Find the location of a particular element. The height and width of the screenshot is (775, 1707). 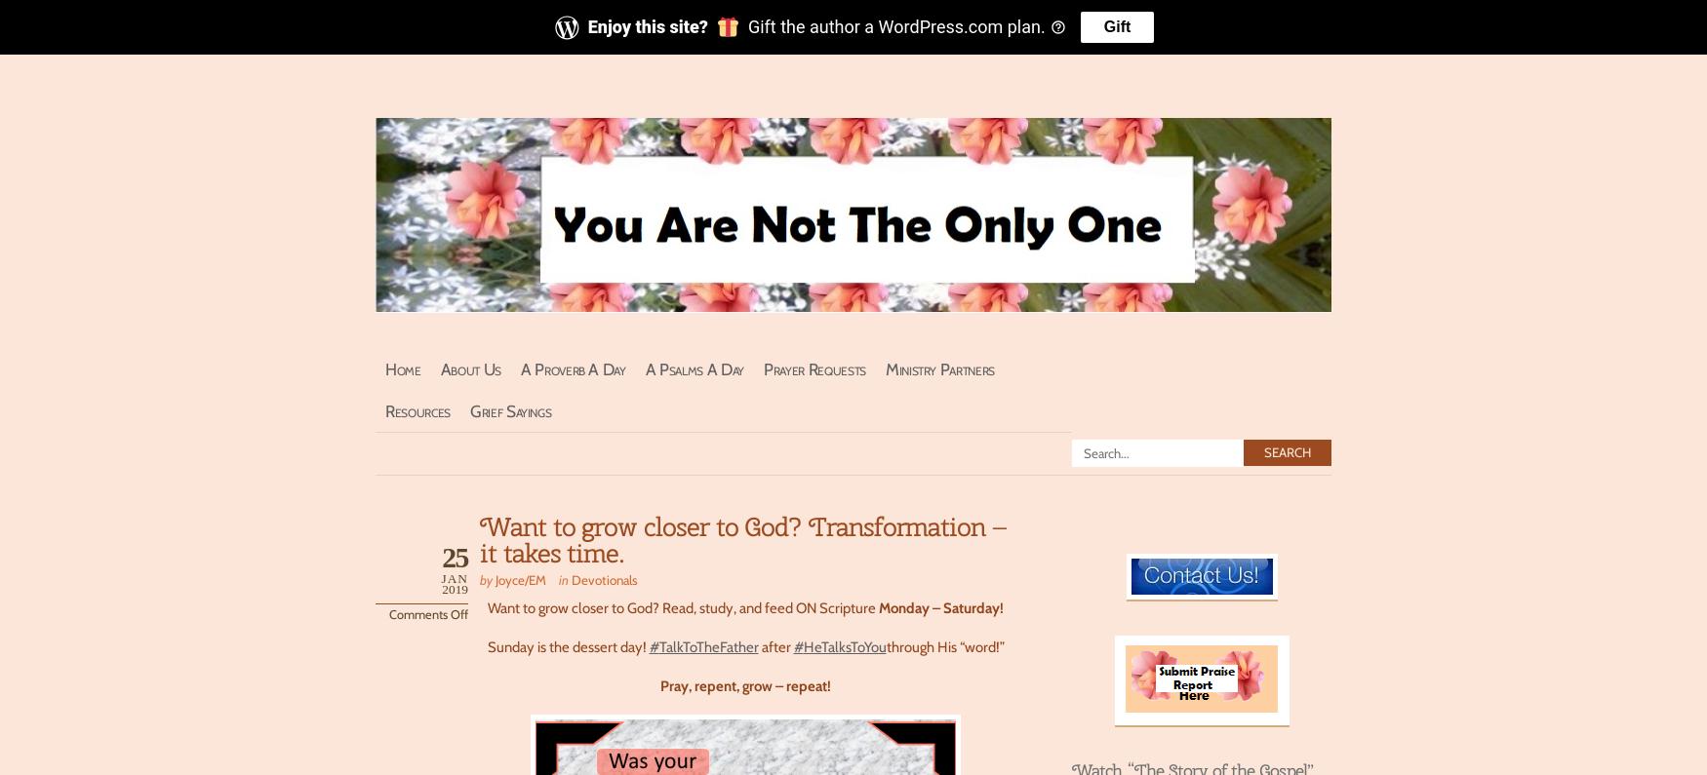

'after' is located at coordinates (757, 645).